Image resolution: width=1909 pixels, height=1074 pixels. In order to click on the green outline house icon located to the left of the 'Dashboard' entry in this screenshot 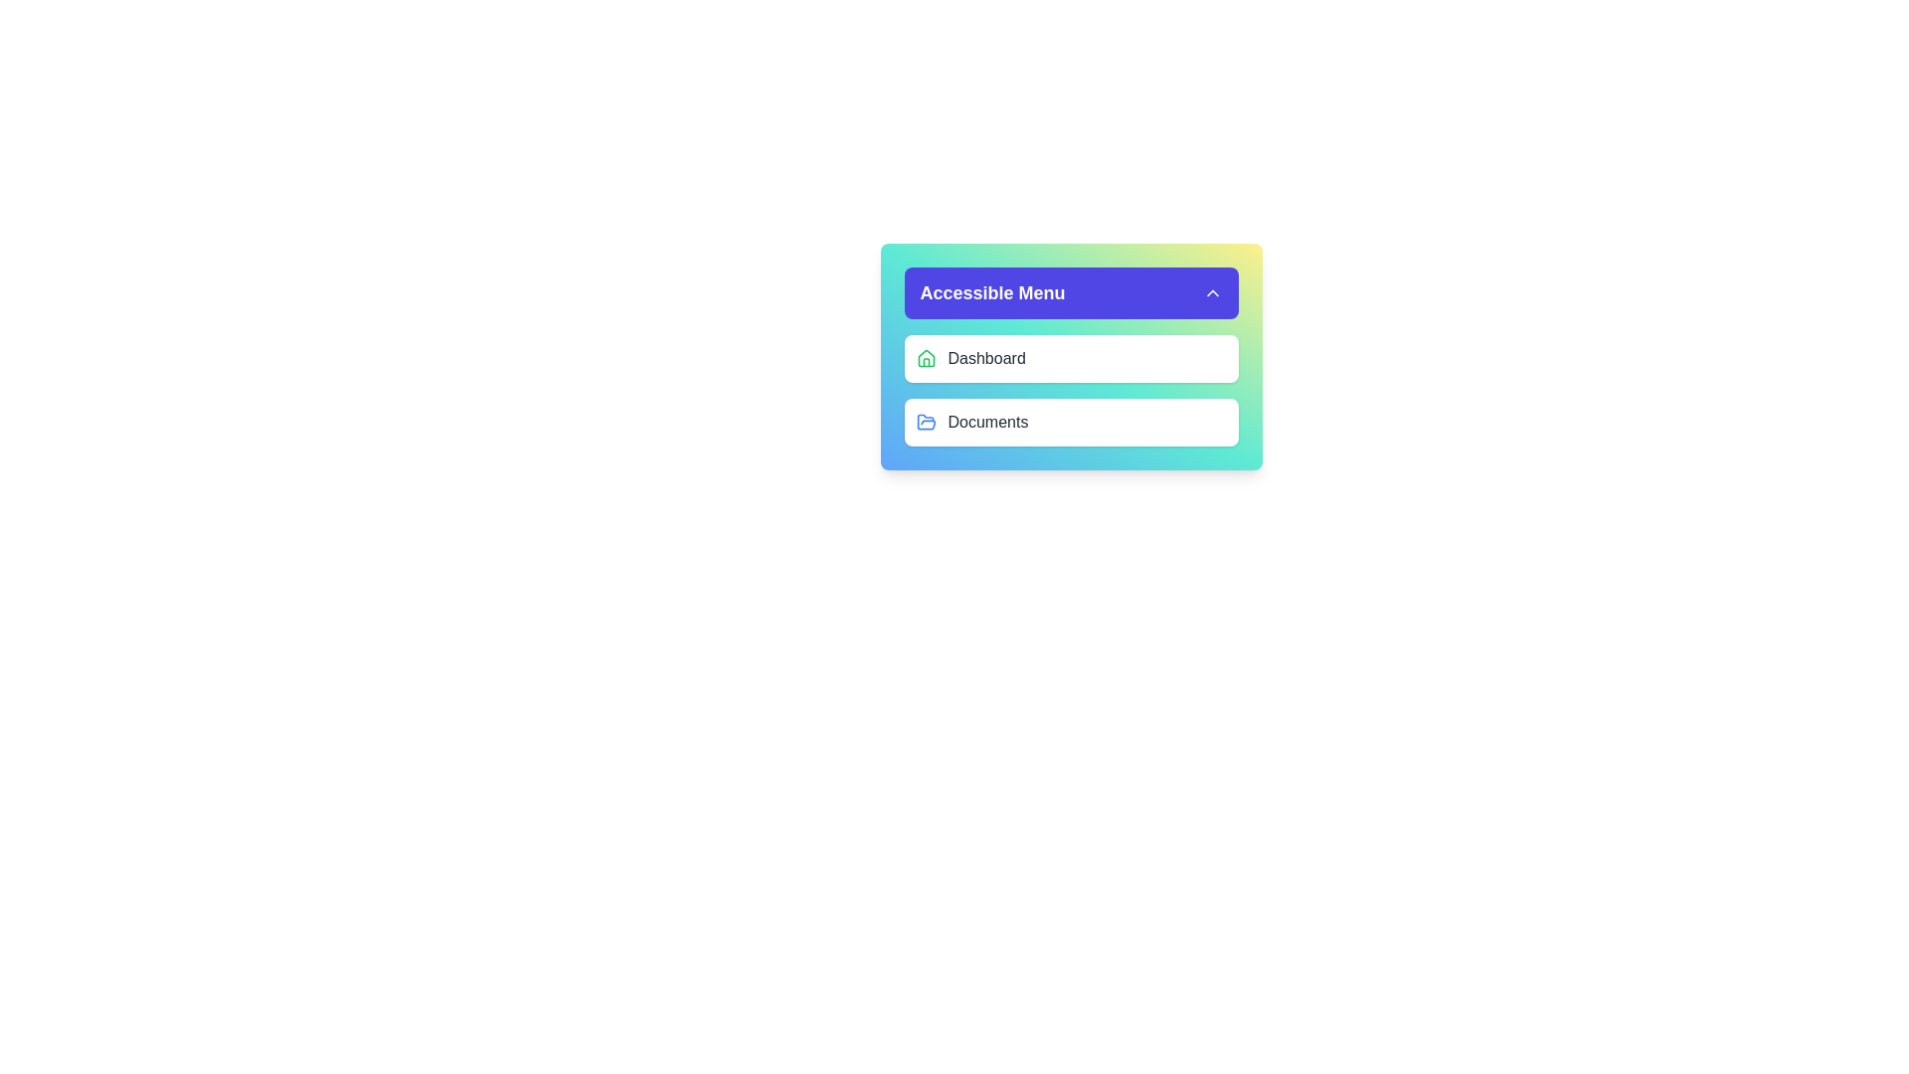, I will do `click(925, 358)`.